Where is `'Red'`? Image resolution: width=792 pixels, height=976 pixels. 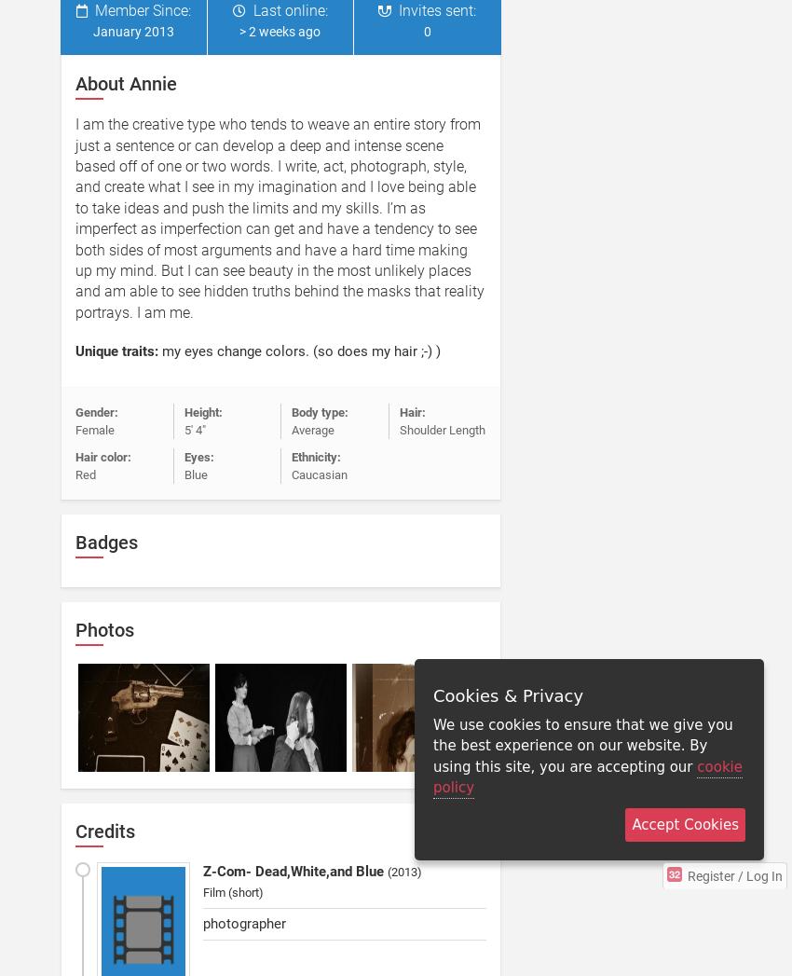 'Red' is located at coordinates (84, 474).